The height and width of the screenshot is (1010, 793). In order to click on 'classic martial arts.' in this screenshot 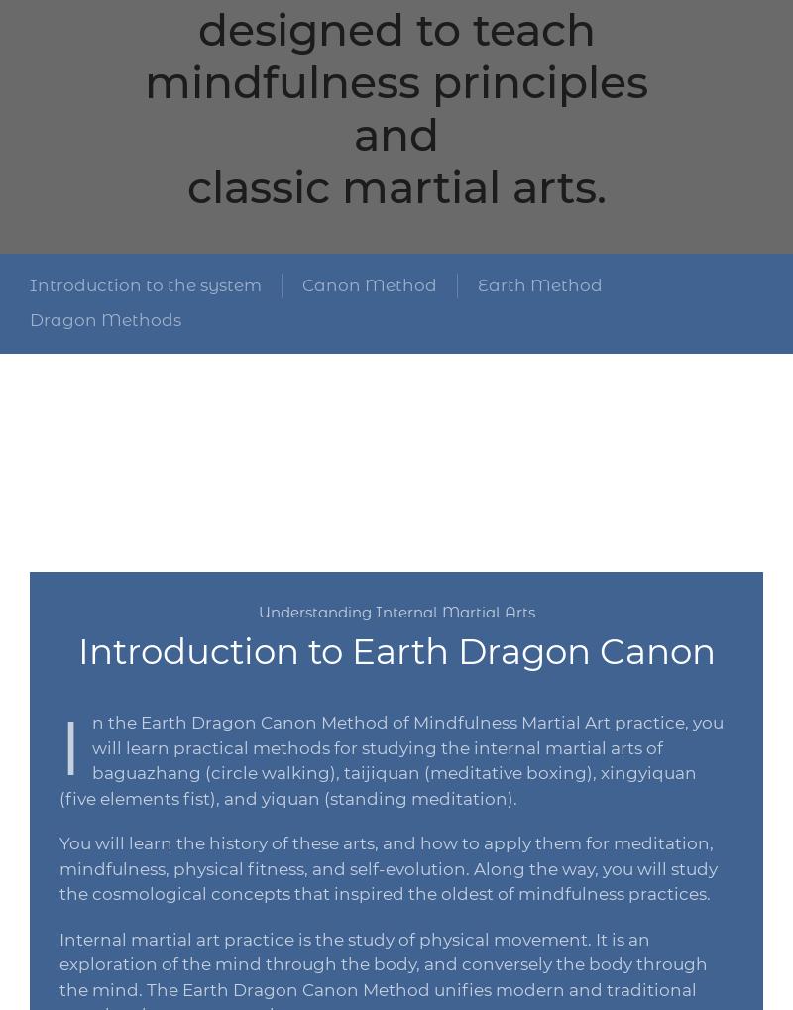, I will do `click(185, 185)`.